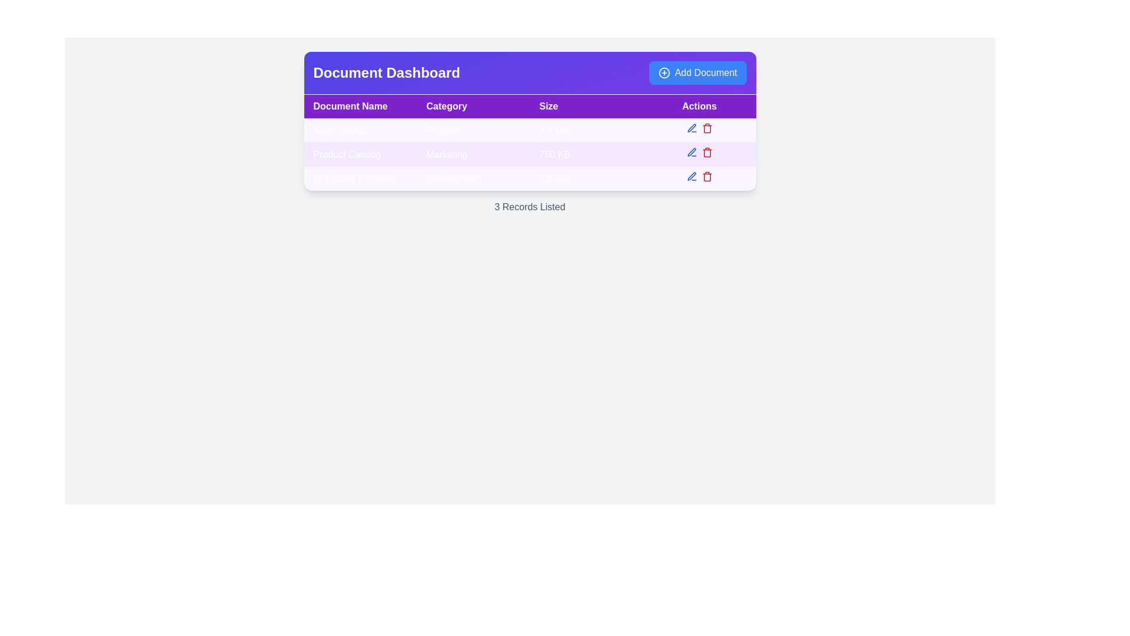 The width and height of the screenshot is (1130, 636). Describe the element at coordinates (697, 72) in the screenshot. I see `the button located at the top right corner of the 'Document Dashboard' section` at that location.